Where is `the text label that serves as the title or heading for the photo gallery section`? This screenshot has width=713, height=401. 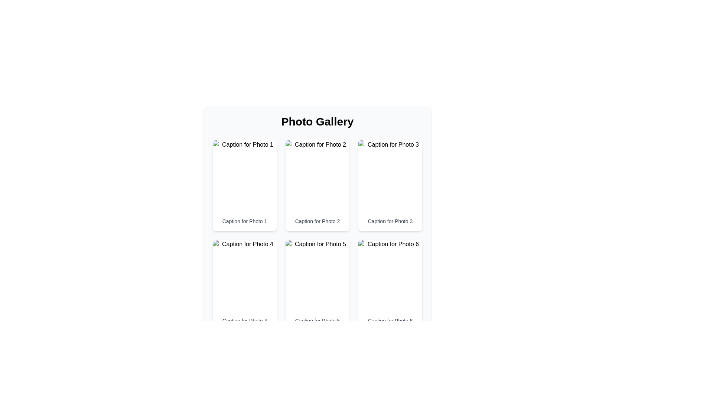 the text label that serves as the title or heading for the photo gallery section is located at coordinates (317, 121).